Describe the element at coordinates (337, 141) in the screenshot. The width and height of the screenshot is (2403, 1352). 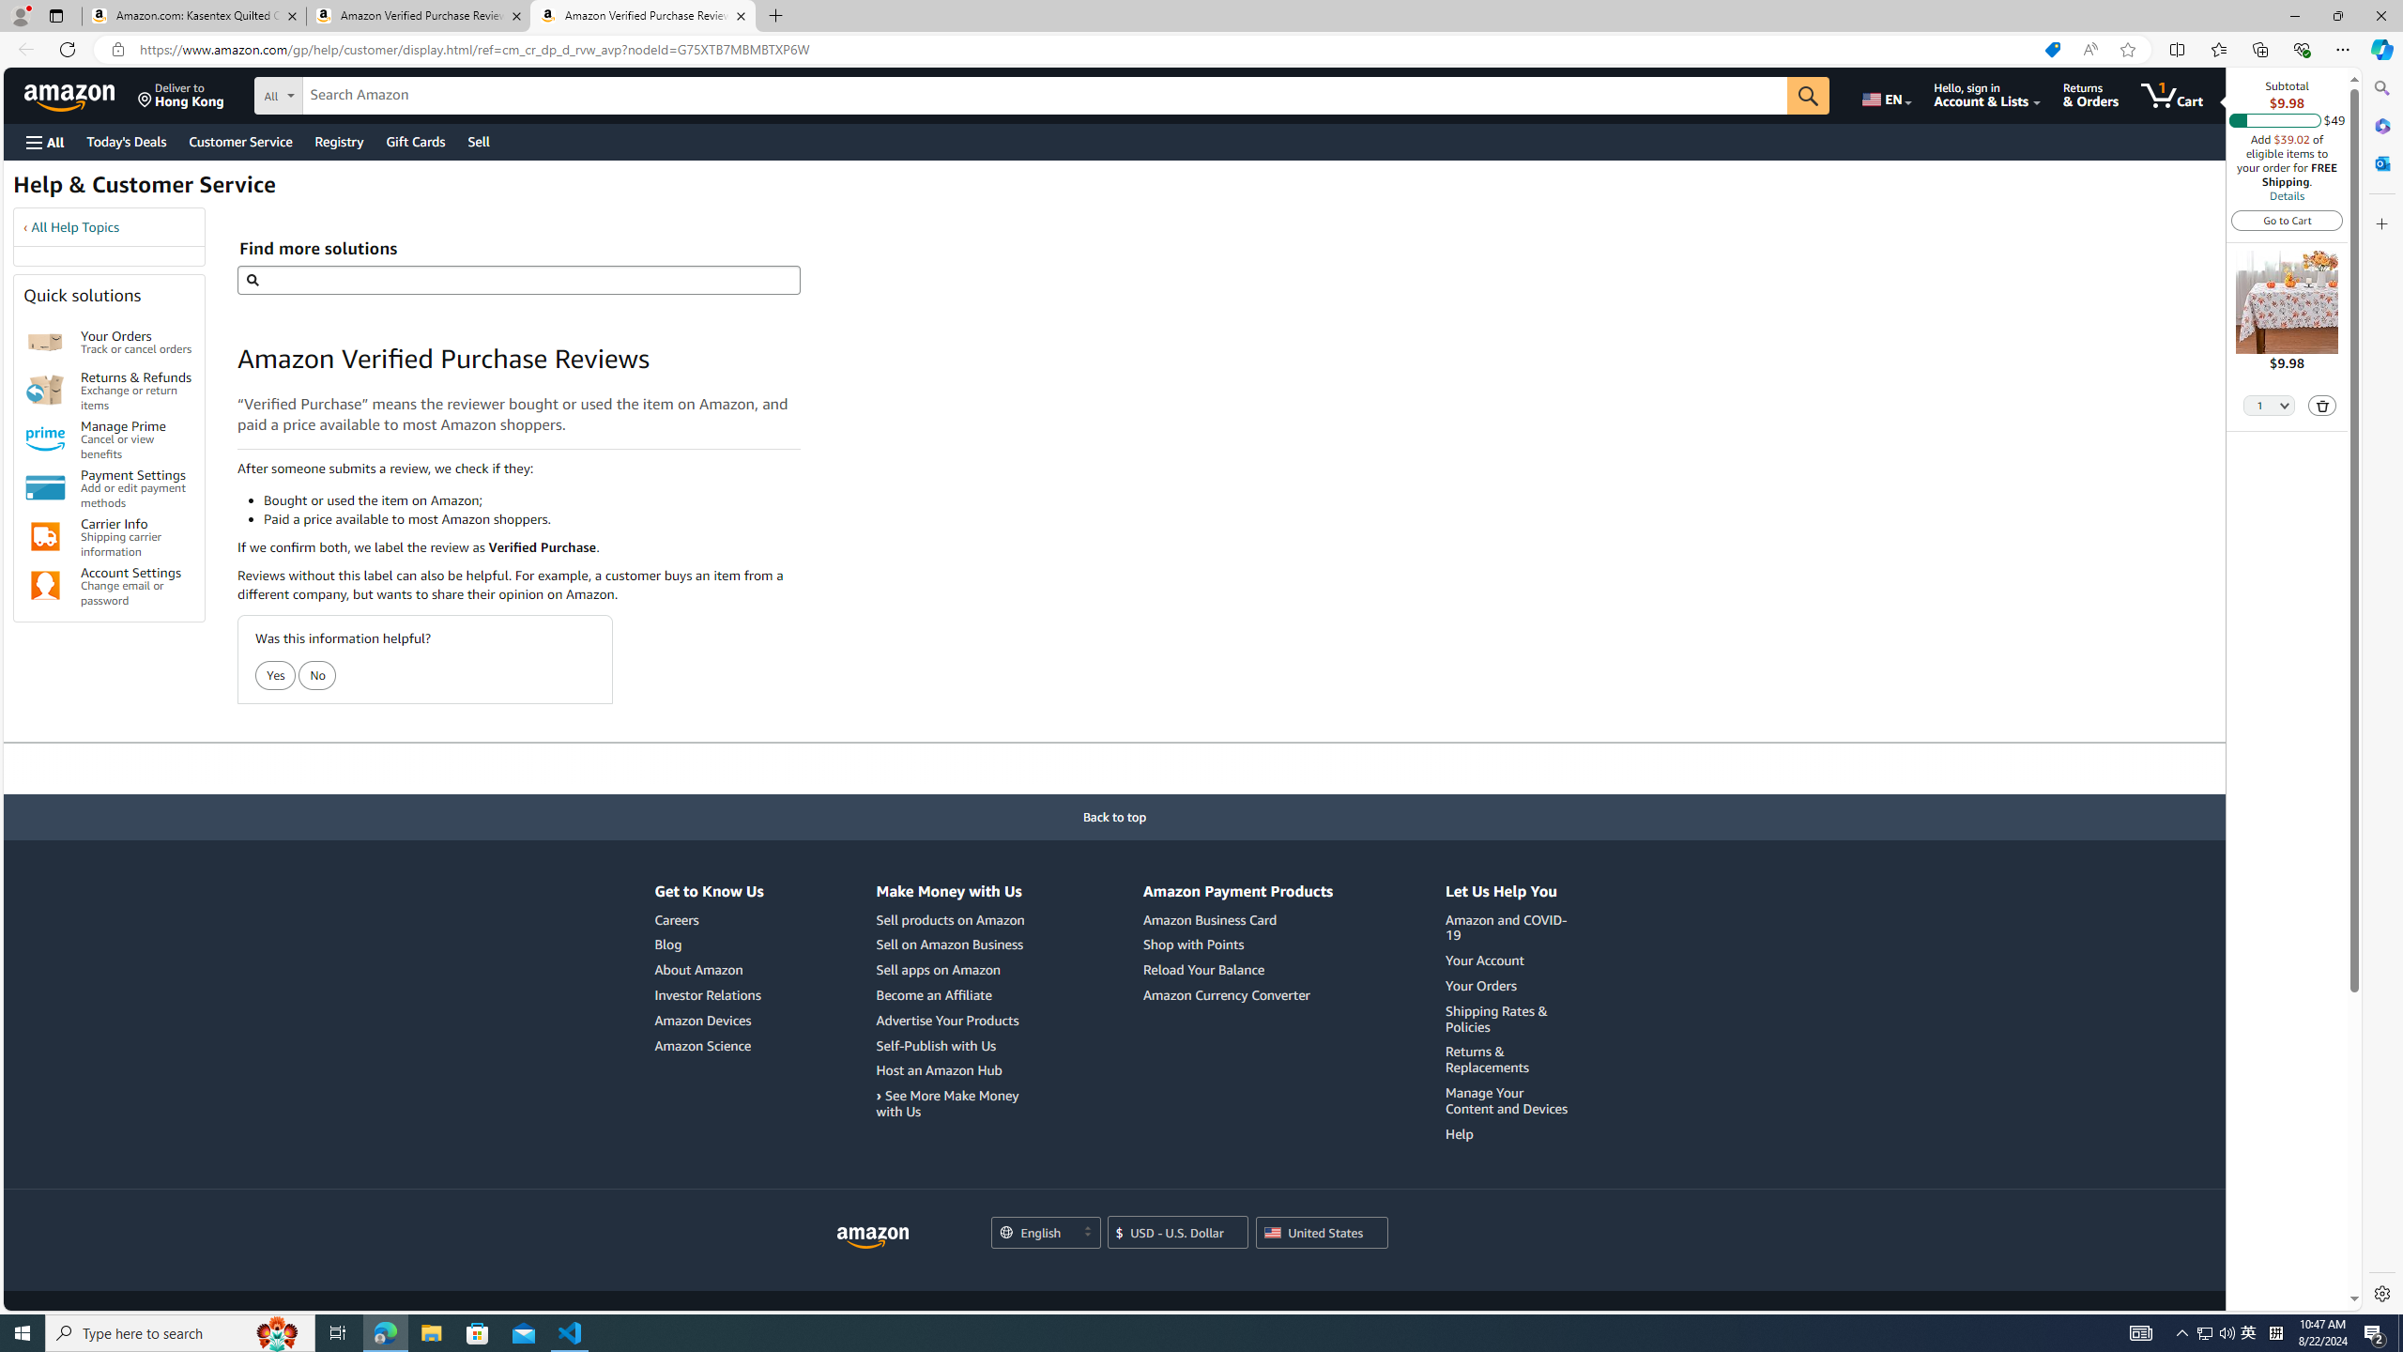
I see `'Registry'` at that location.